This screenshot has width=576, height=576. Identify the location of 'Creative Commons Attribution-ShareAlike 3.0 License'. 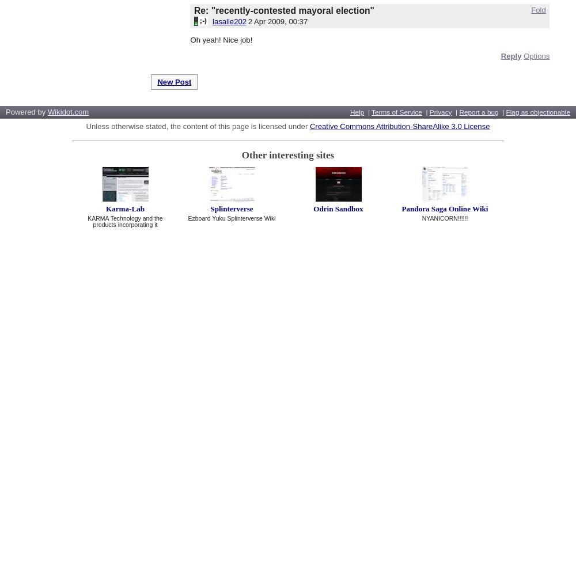
(399, 126).